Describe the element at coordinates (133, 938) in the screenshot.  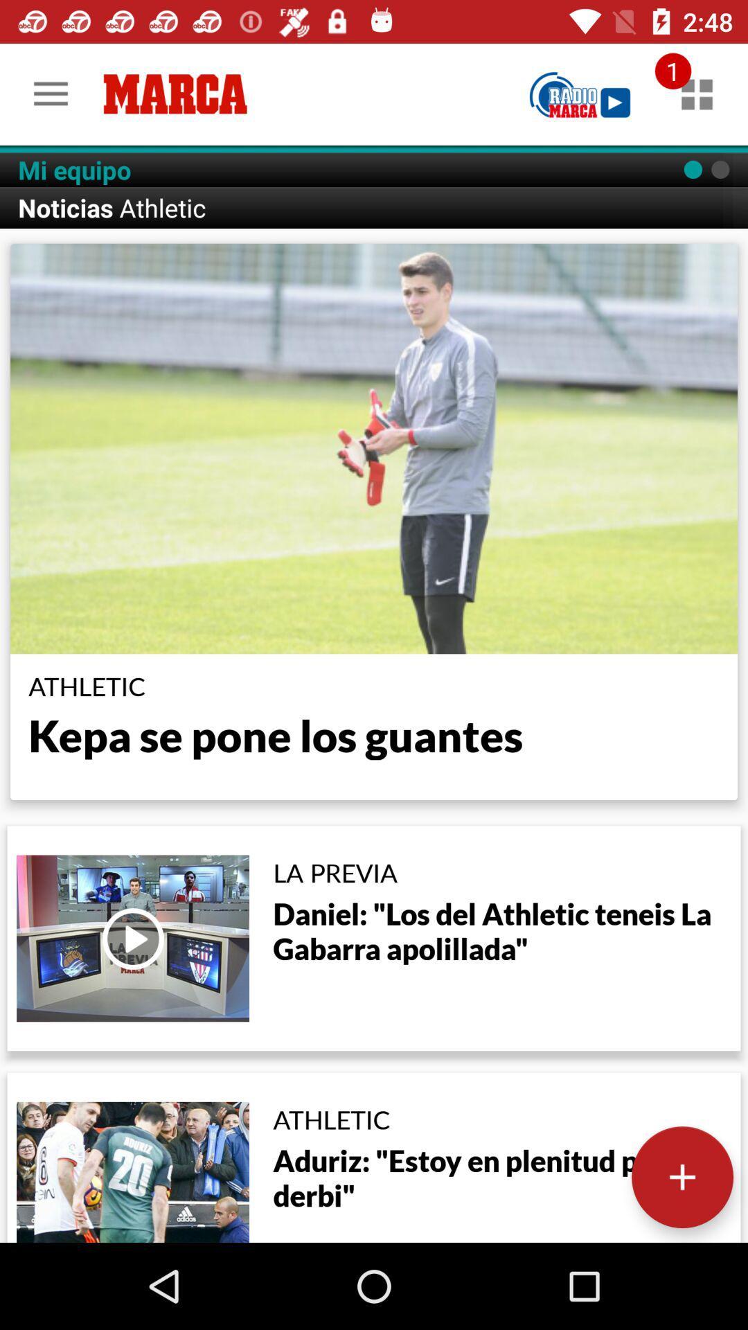
I see `the video which is left to the text la previa` at that location.